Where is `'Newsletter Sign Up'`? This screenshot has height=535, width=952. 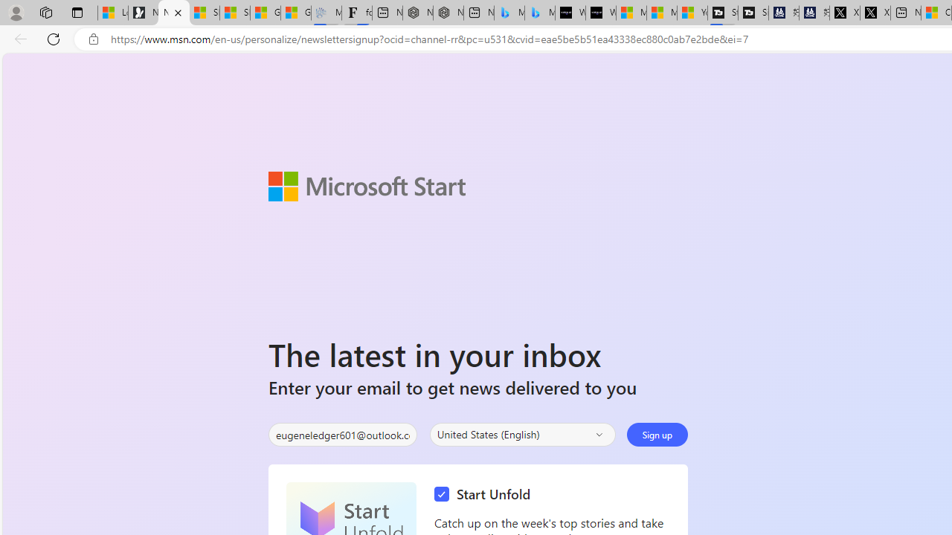 'Newsletter Sign Up' is located at coordinates (173, 13).